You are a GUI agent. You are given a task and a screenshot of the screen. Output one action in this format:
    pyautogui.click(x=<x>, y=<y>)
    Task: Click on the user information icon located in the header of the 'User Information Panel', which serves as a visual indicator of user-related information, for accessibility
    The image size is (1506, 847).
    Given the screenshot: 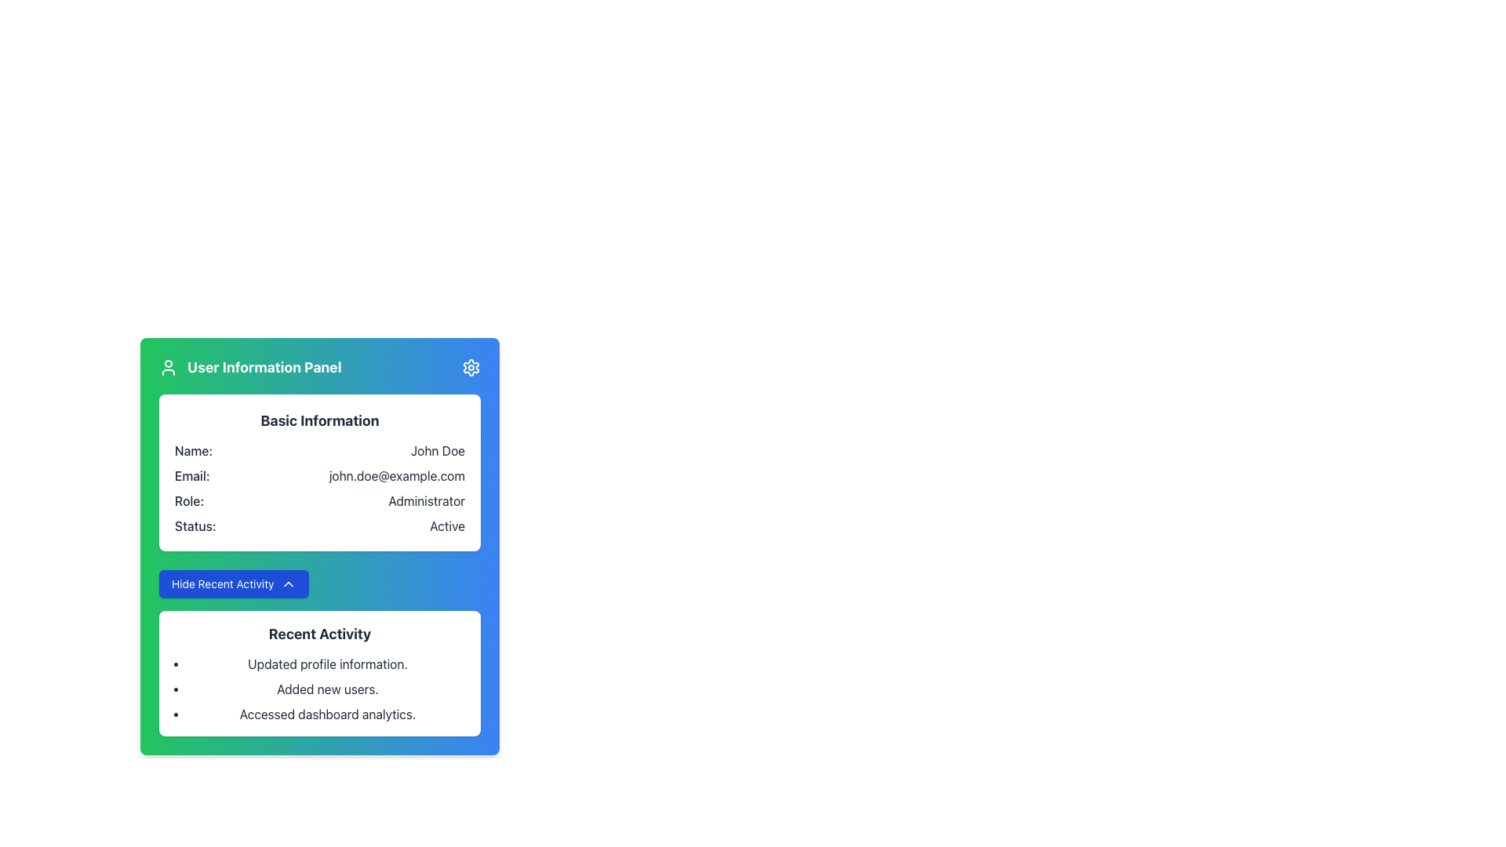 What is the action you would take?
    pyautogui.click(x=169, y=368)
    